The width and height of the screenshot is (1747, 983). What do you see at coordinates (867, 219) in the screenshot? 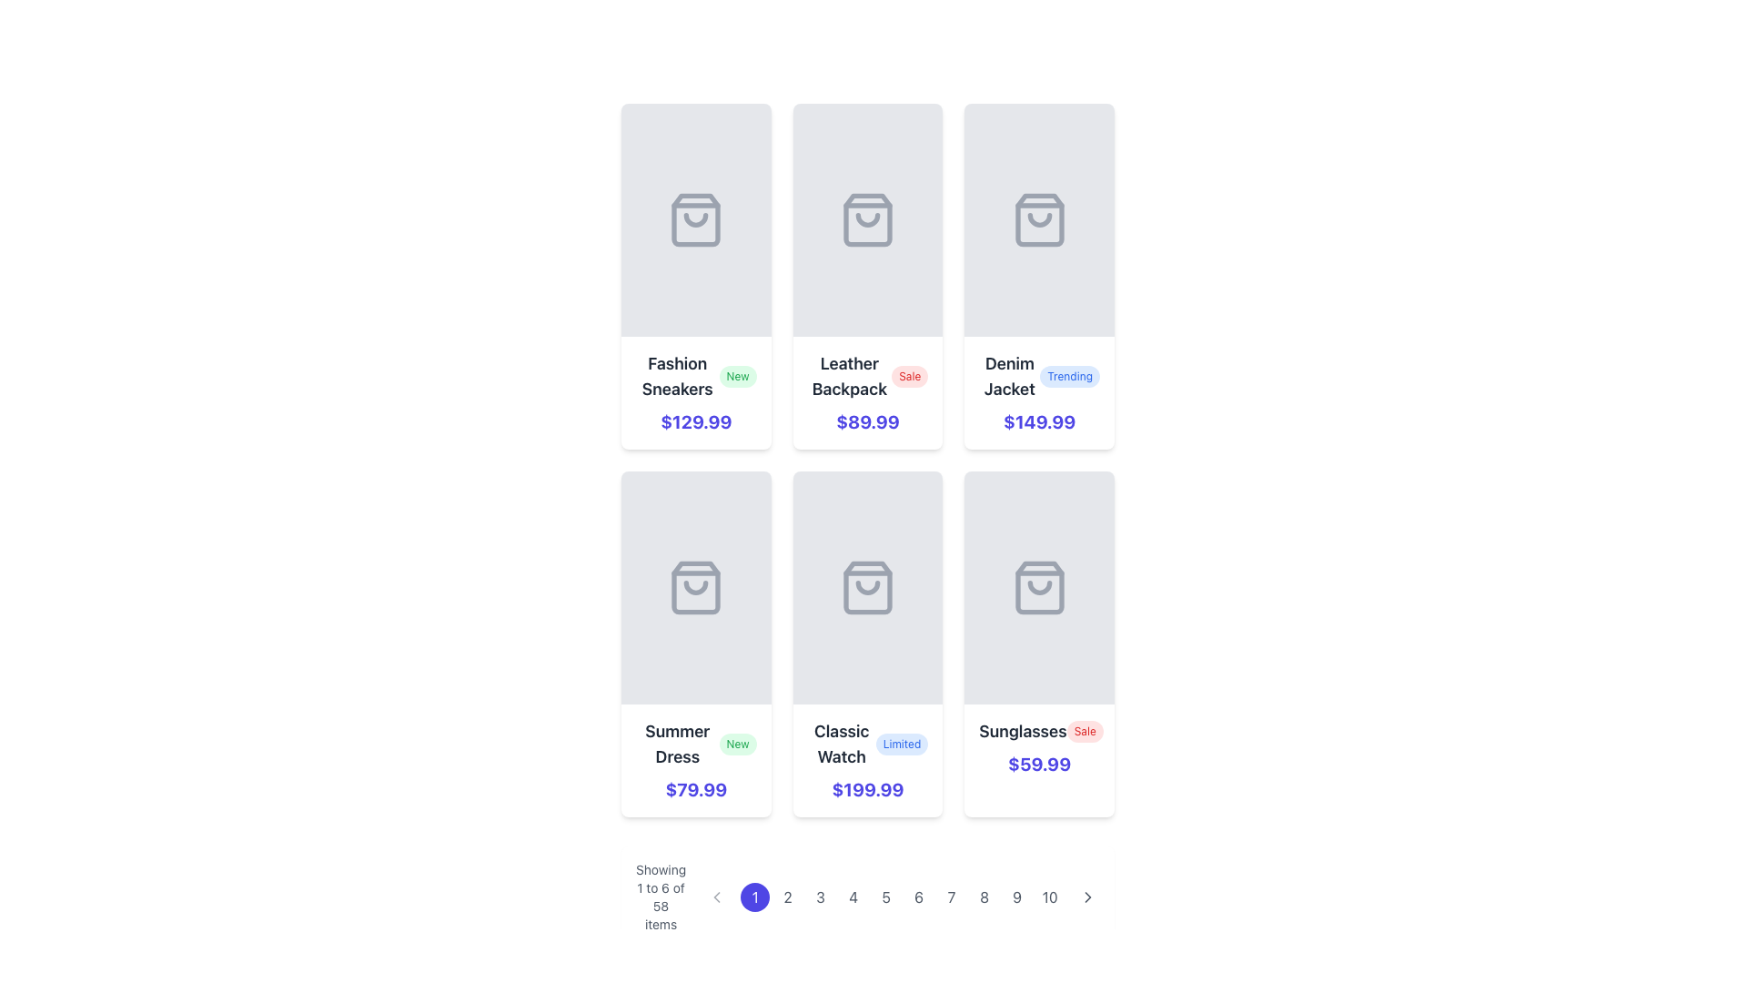
I see `on the IconContainer representing the 'Leather Backpack' product category` at bounding box center [867, 219].